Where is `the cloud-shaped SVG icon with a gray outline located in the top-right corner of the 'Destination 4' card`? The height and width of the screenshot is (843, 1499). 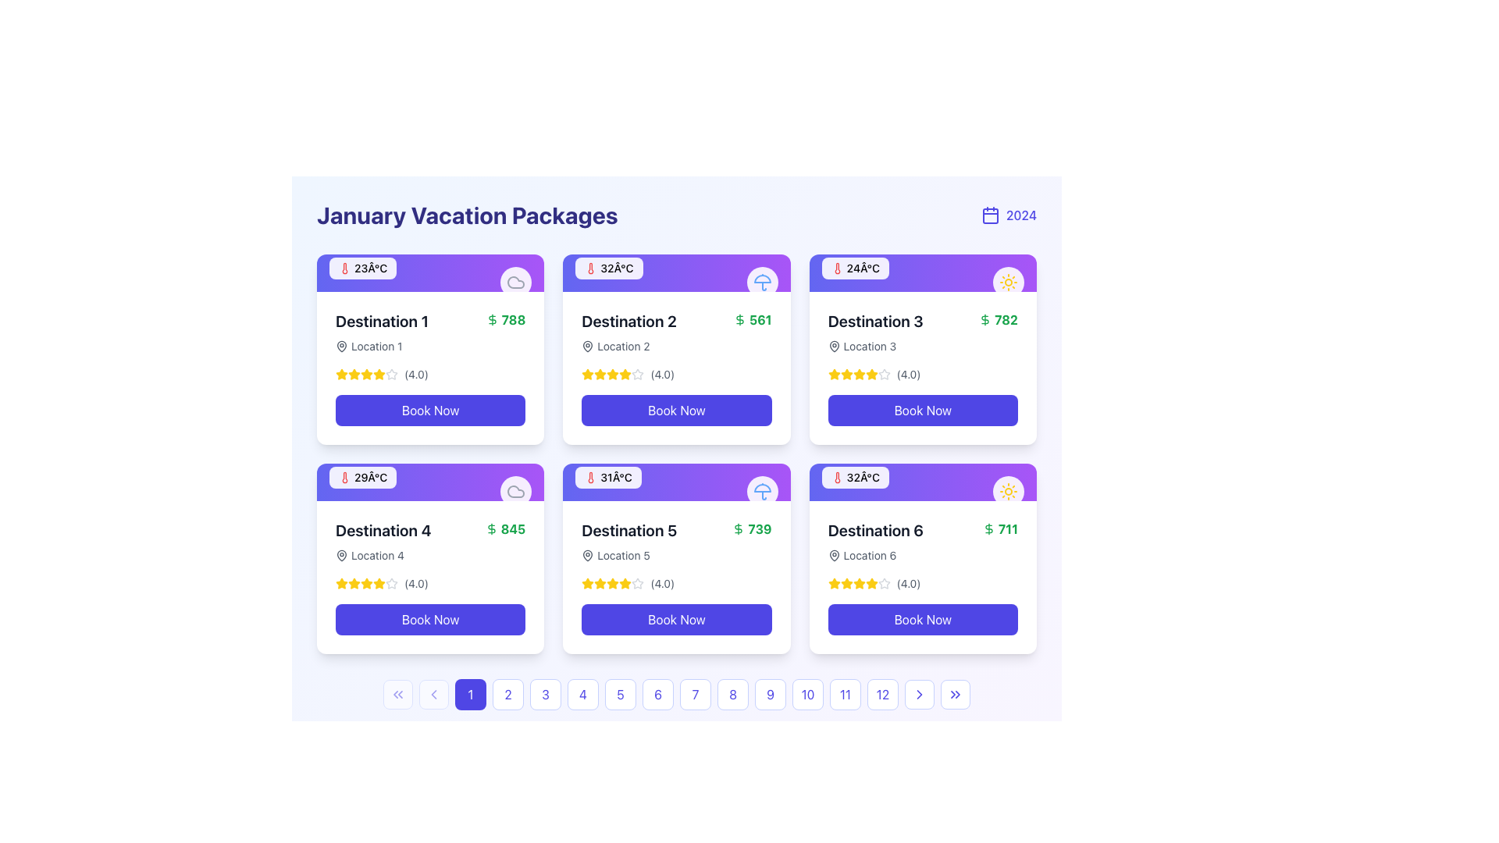
the cloud-shaped SVG icon with a gray outline located in the top-right corner of the 'Destination 4' card is located at coordinates (516, 283).